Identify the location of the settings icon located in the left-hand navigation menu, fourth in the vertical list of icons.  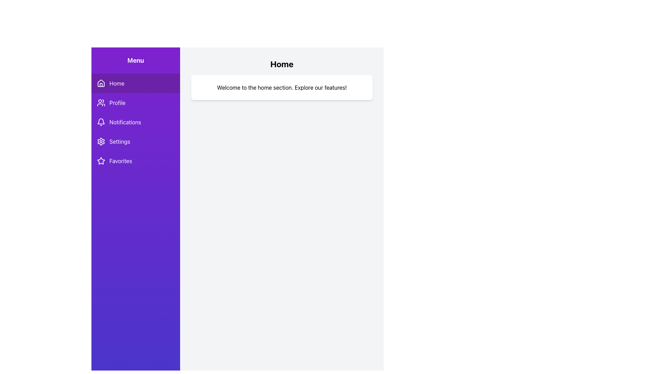
(101, 141).